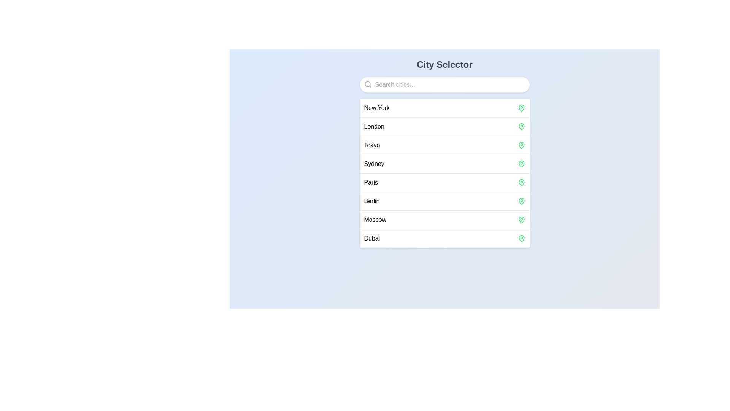 The width and height of the screenshot is (730, 411). I want to click on the graphic element representing the map pin's outer shape beside the city 'Sydney' in the fourth row of the list, so click(521, 164).